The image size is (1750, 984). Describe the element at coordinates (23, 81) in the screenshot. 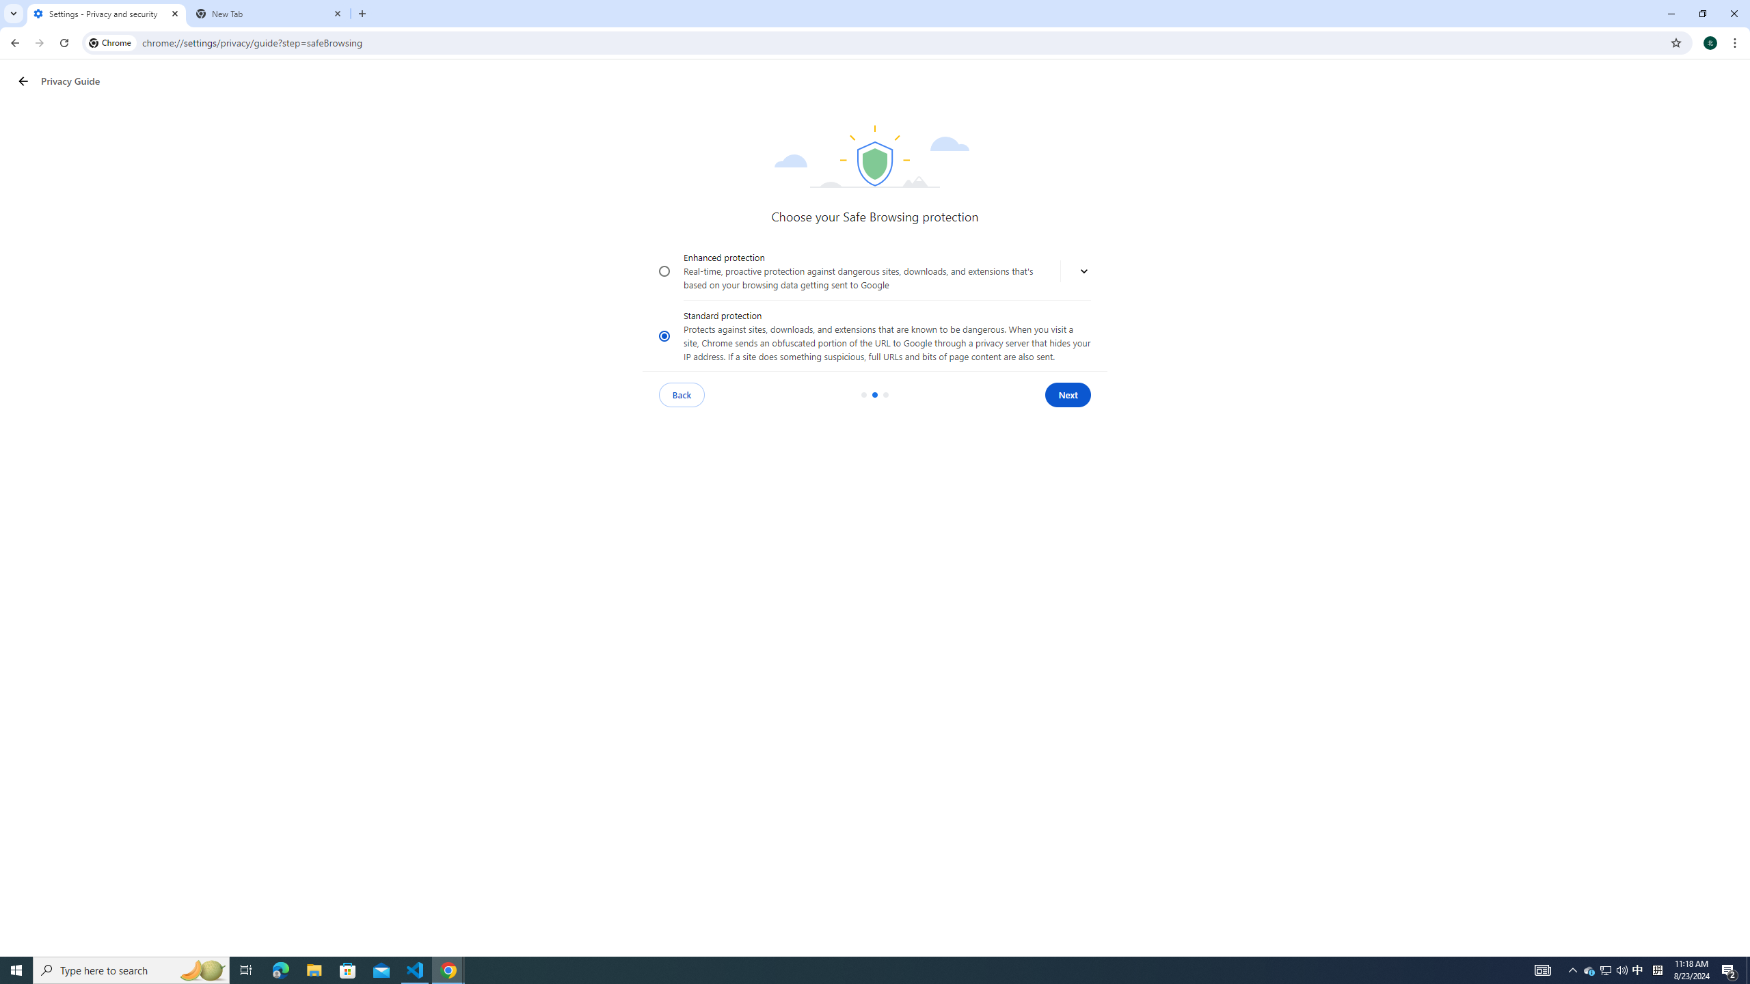

I see `'Privacy Guide back button'` at that location.